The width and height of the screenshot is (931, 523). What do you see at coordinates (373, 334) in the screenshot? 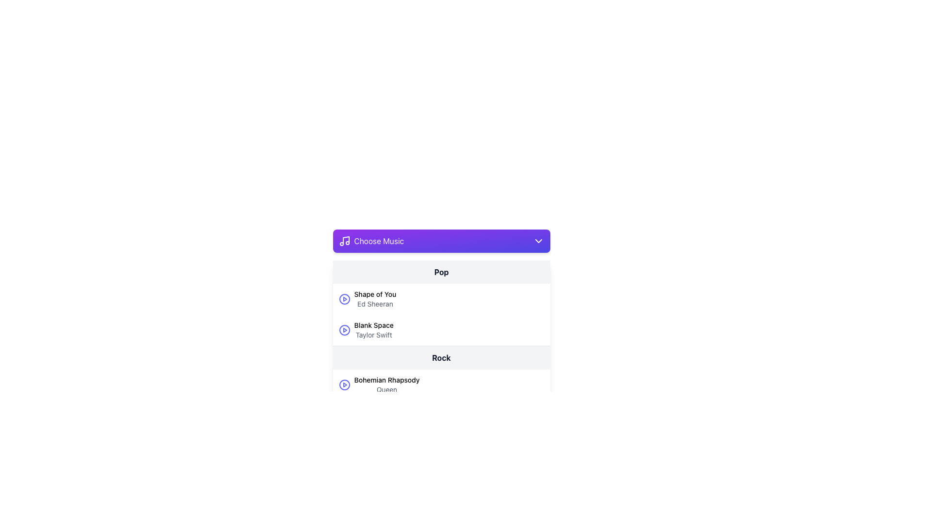
I see `the static text label displaying 'Taylor Swift', which is styled in gray and positioned below 'Blank Space' in a list under the 'Pop' heading` at bounding box center [373, 334].